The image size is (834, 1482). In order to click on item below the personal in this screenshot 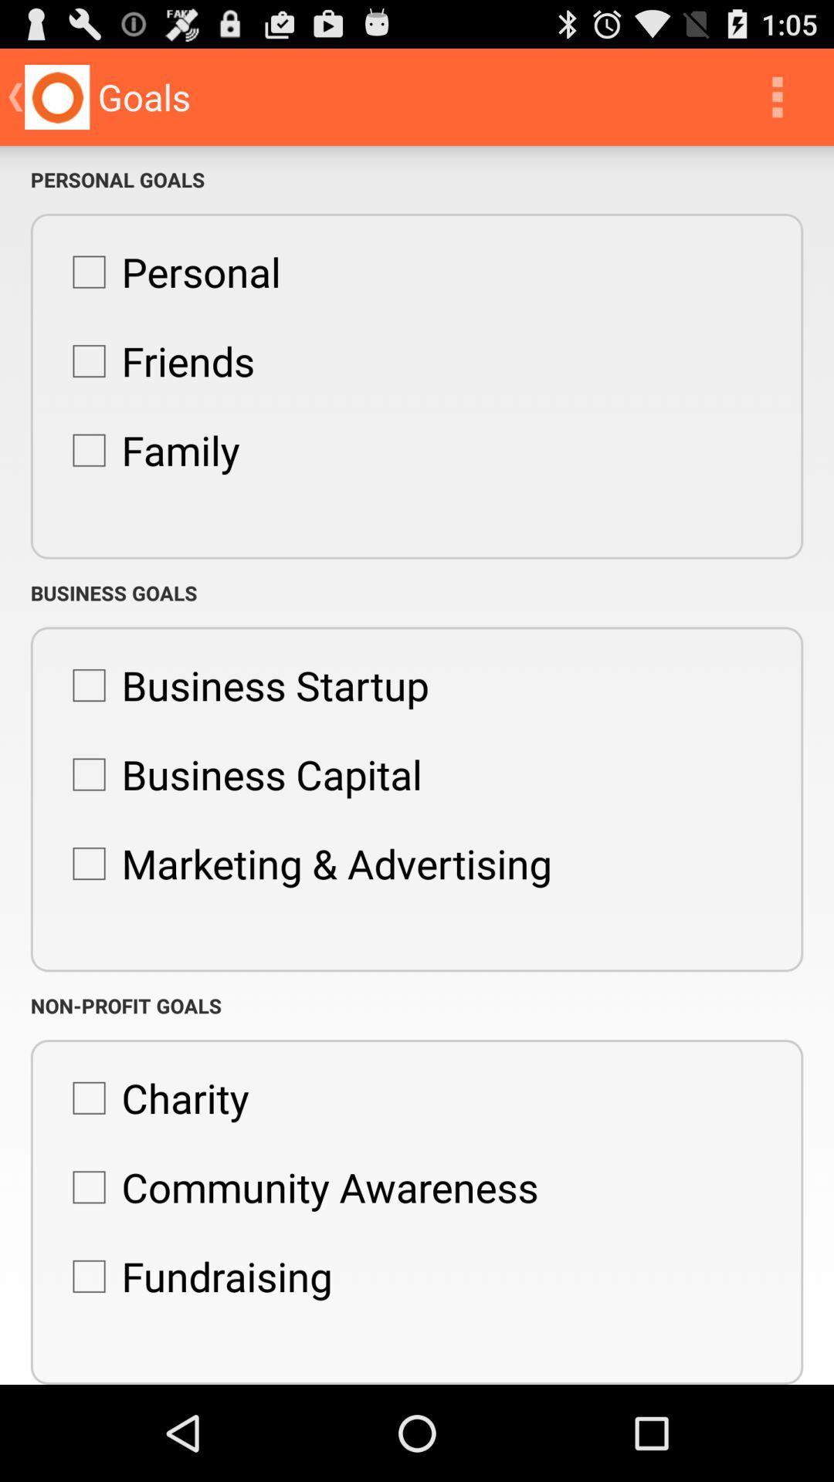, I will do `click(155, 360)`.